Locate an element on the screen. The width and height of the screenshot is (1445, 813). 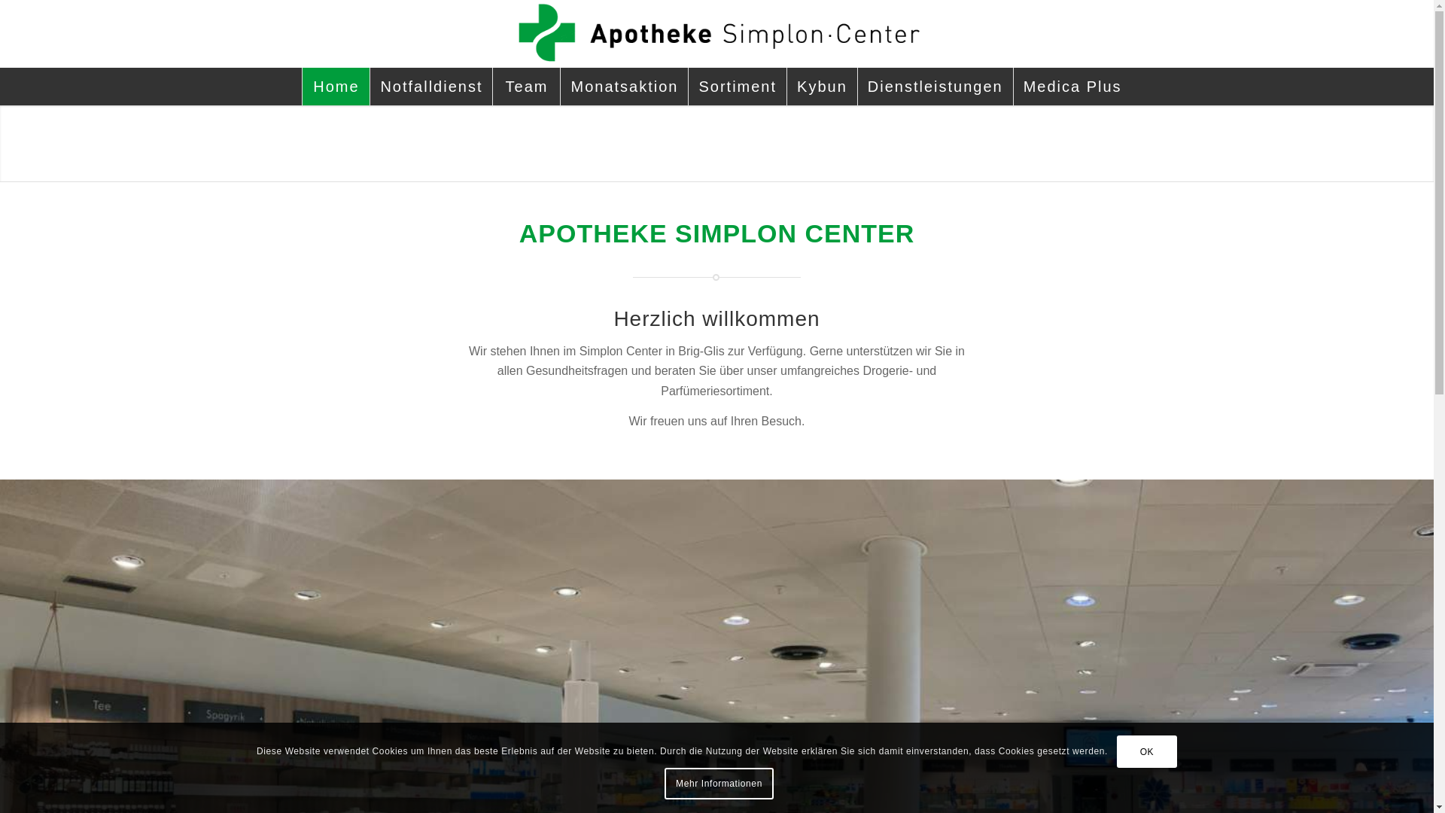
'Medica Plus' is located at coordinates (1072, 87).